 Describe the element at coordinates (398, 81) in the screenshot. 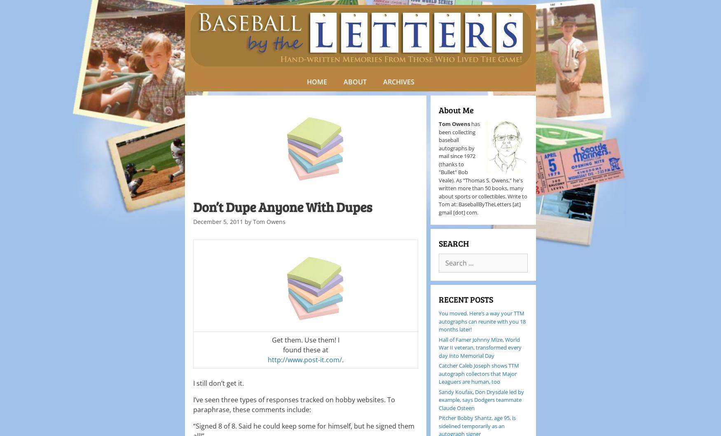

I see `'ARCHIVES'` at that location.